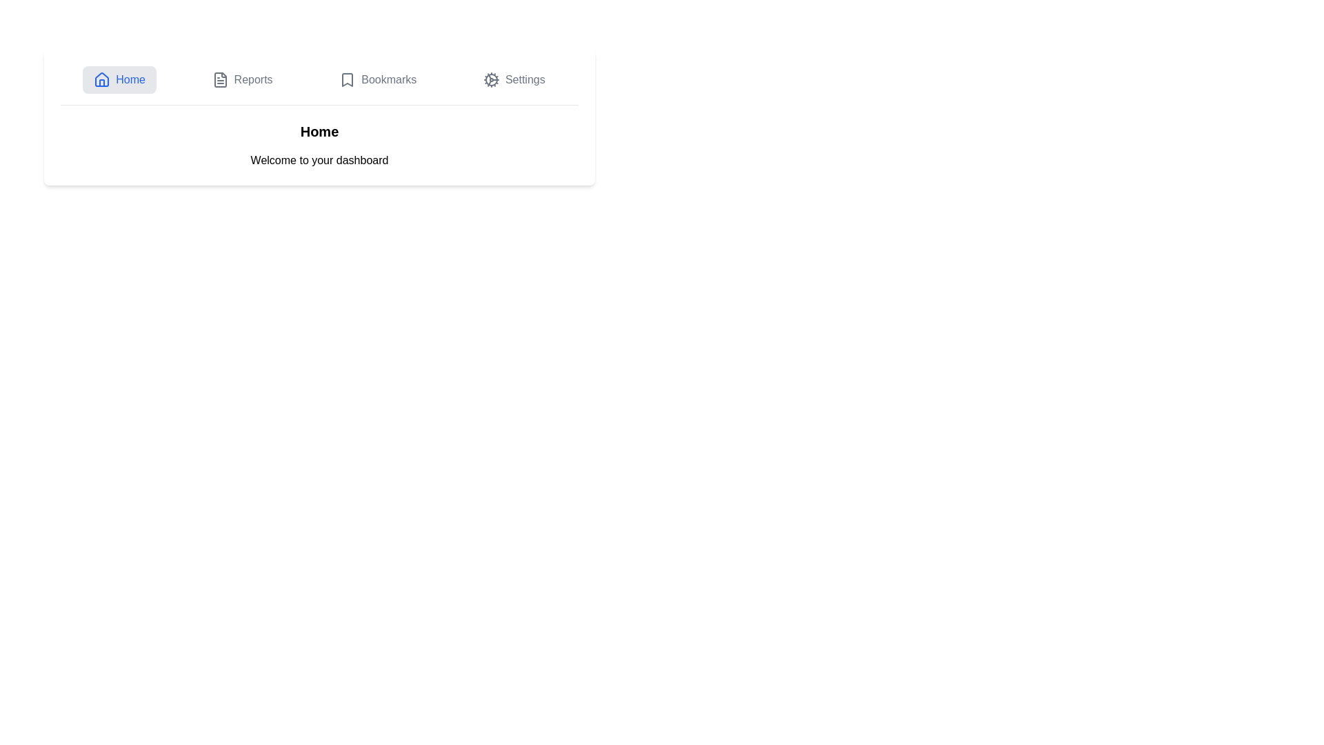  Describe the element at coordinates (319, 159) in the screenshot. I see `the static text display that provides a welcoming message, located directly underneath the 'Home' text on the dashboard view` at that location.